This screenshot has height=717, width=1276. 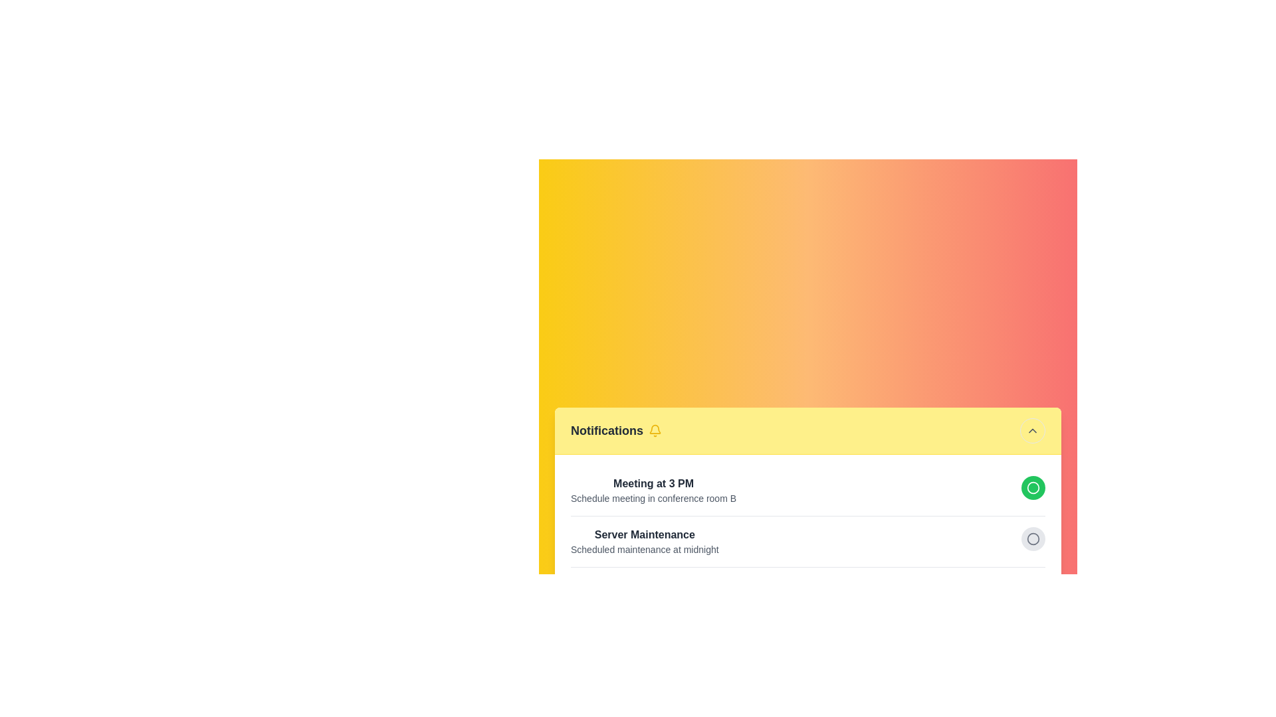 I want to click on the small upward-facing chevron icon within the circular button located at the top right corner of the yellow notification bar, so click(x=1032, y=430).